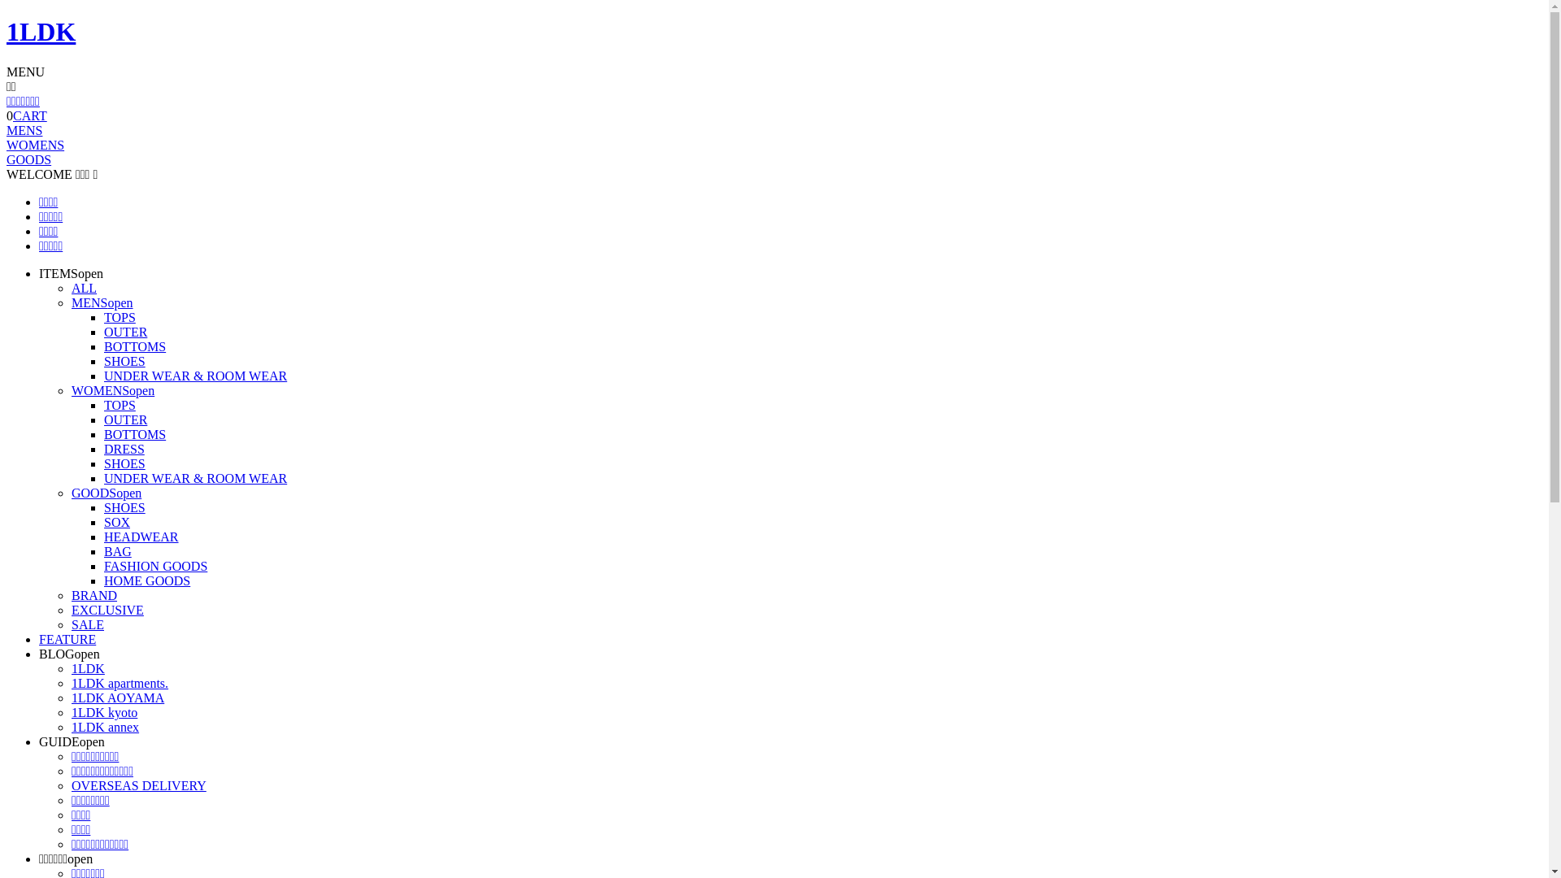  Describe the element at coordinates (103, 565) in the screenshot. I see `'FASHION GOODS'` at that location.